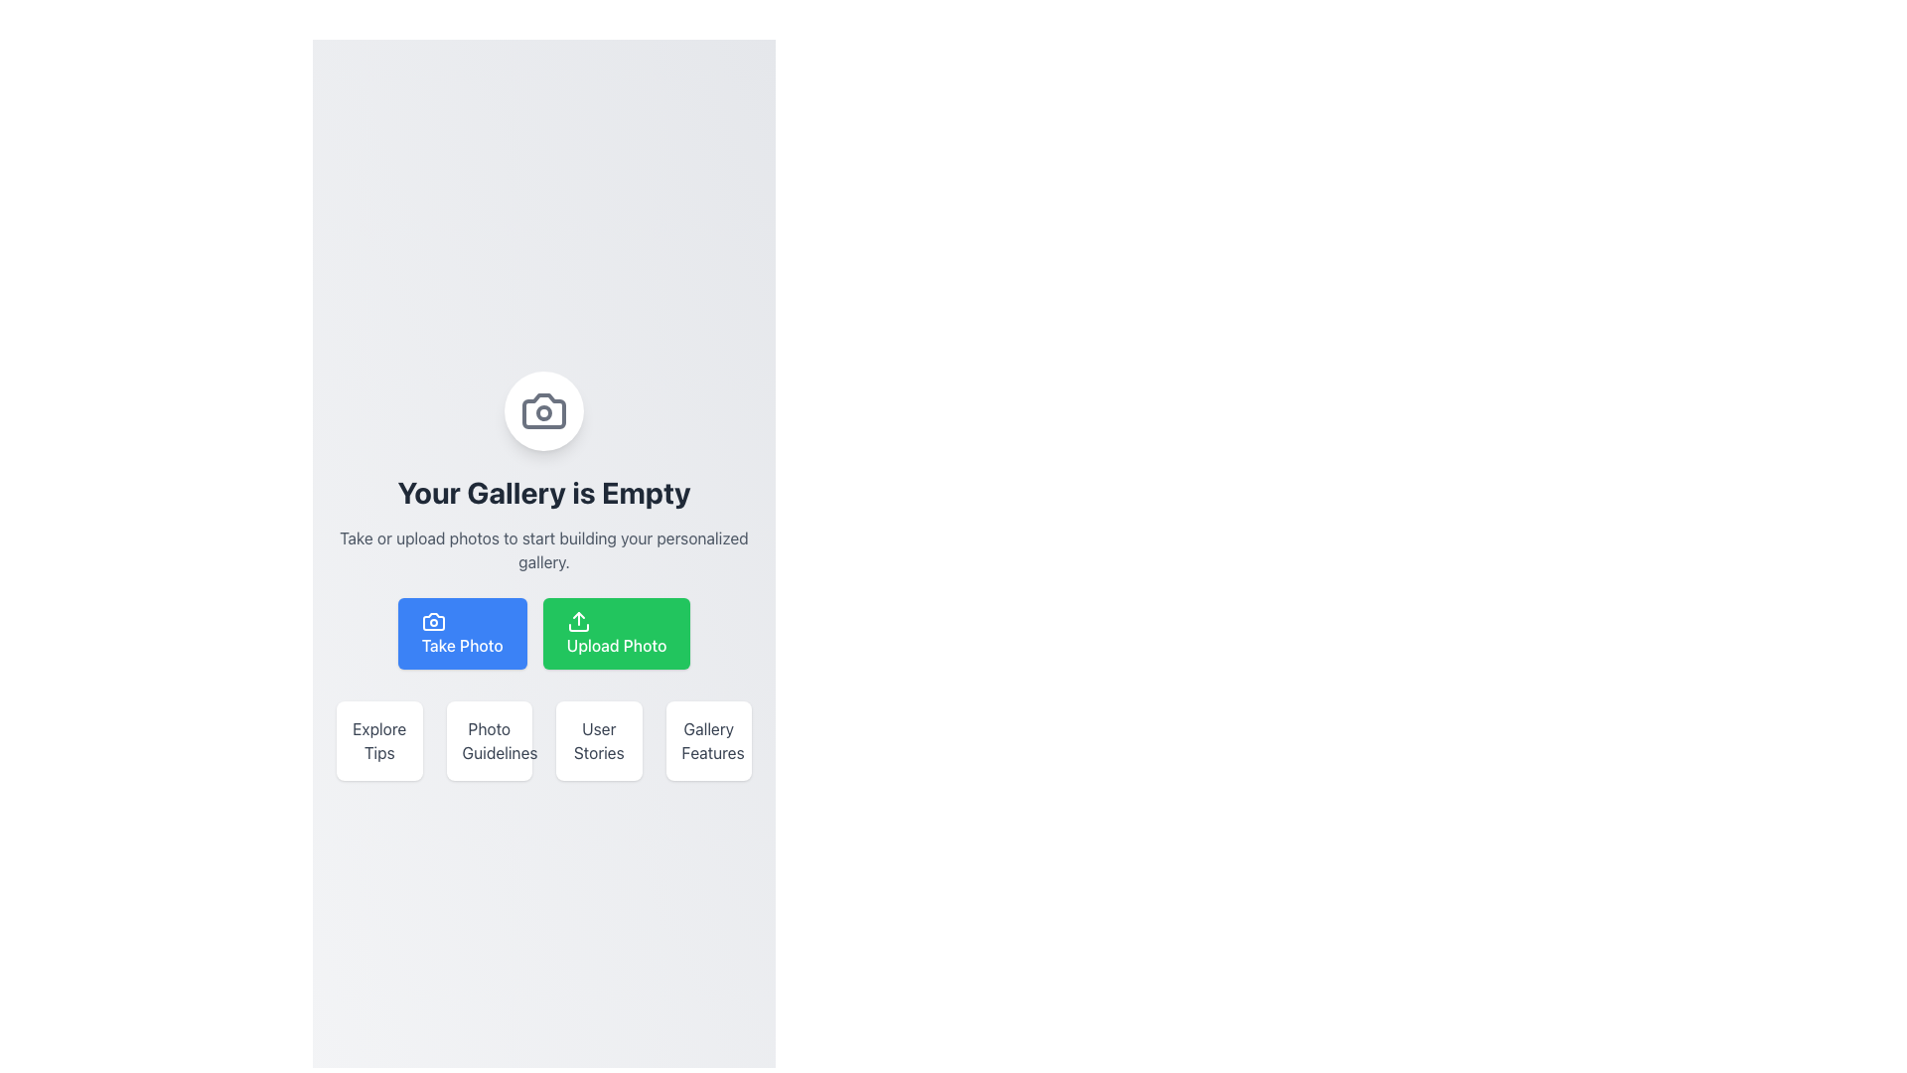 Image resolution: width=1907 pixels, height=1073 pixels. What do you see at coordinates (543, 409) in the screenshot?
I see `the camera icon, which is an outlined graphic with a lens in the center, located at the center of a circular white background above the text 'Your Gallery is Empty.'` at bounding box center [543, 409].